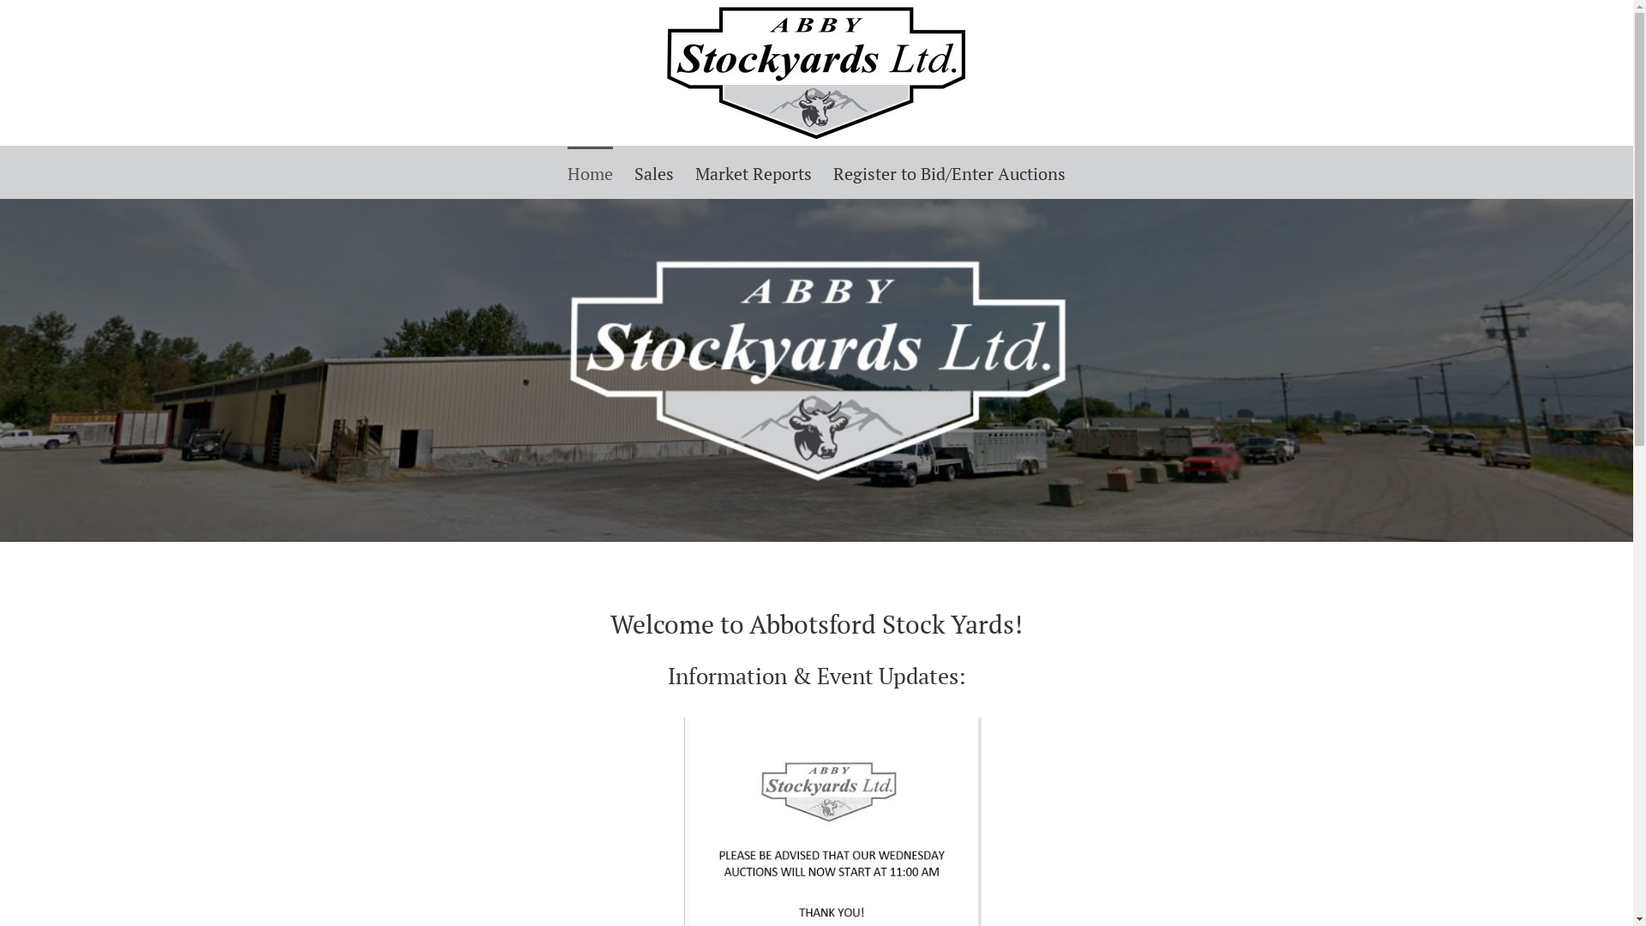 The width and height of the screenshot is (1646, 926). Describe the element at coordinates (948, 171) in the screenshot. I see `'Register to Bid/Enter Auctions'` at that location.